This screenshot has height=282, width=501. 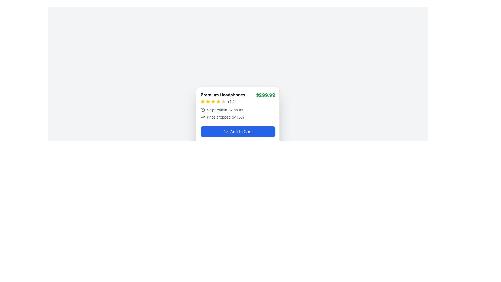 I want to click on the hyperlink located below the 'Add to Cart' button, so click(x=238, y=144).